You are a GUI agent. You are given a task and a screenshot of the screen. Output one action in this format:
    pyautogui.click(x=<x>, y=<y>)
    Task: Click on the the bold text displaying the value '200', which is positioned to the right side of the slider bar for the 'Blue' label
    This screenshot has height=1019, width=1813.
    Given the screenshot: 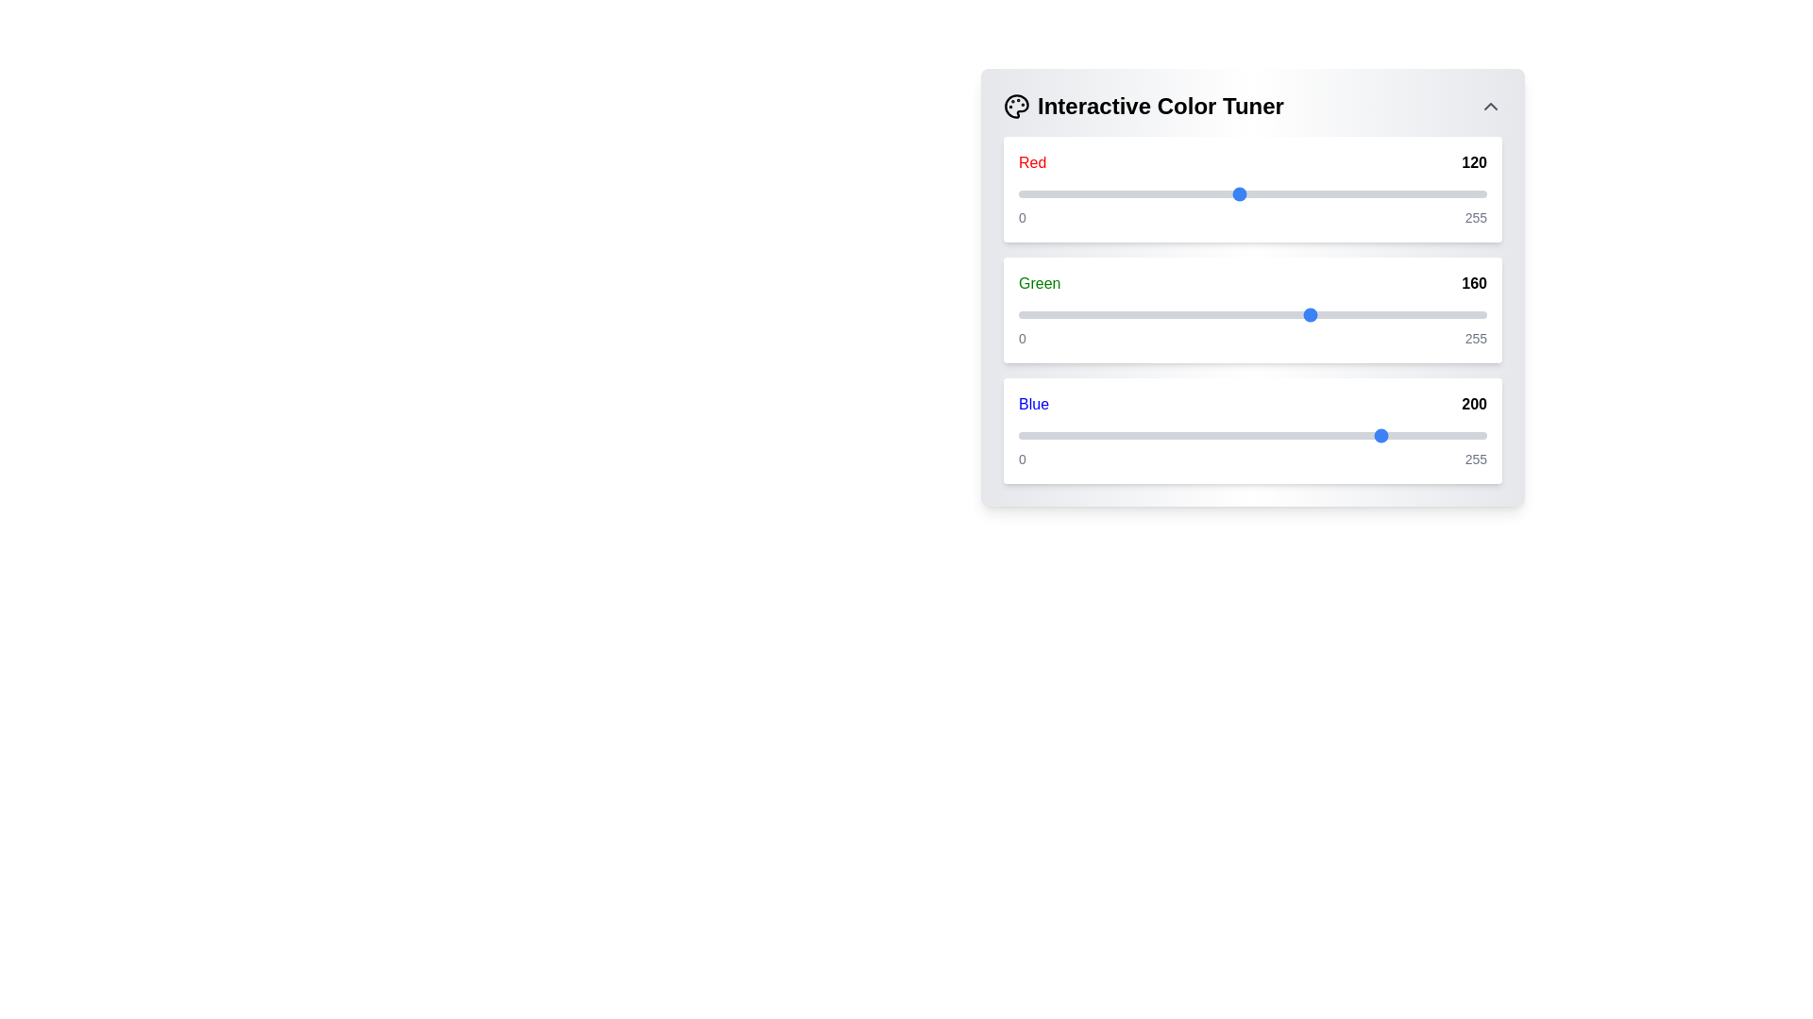 What is the action you would take?
    pyautogui.click(x=1473, y=403)
    